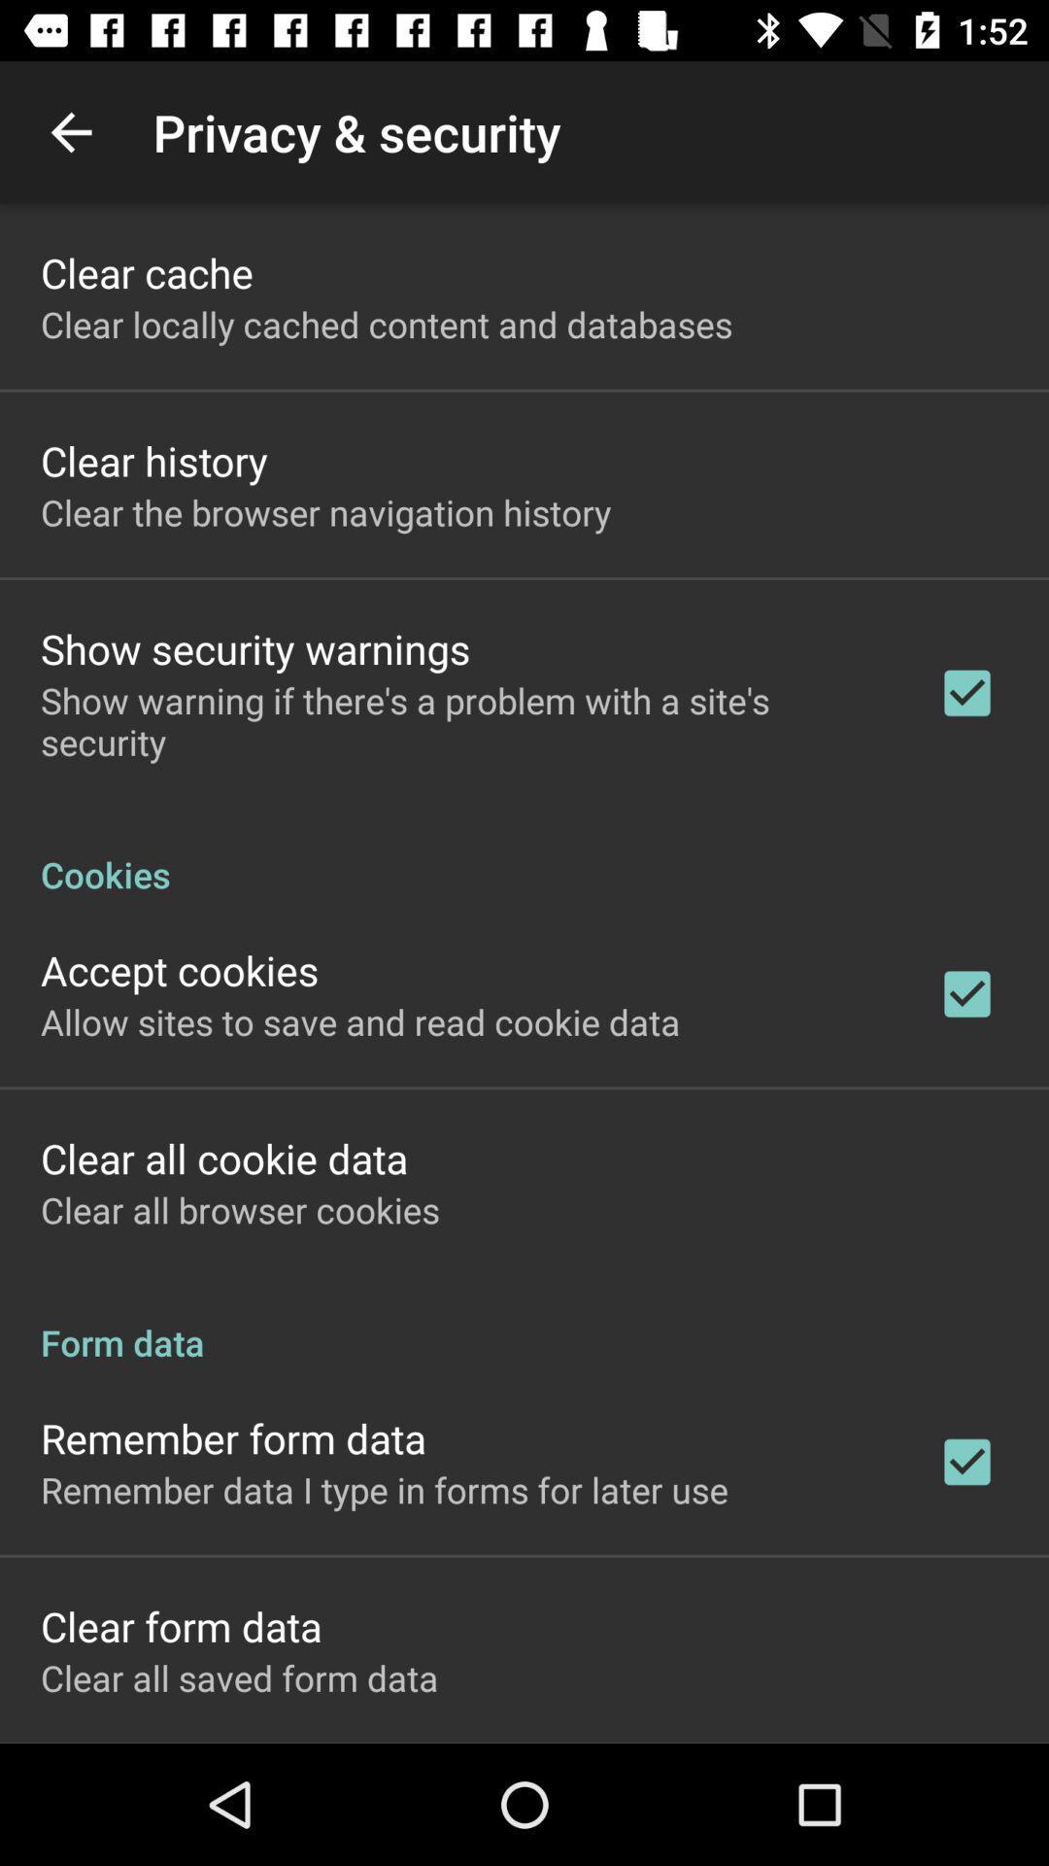  Describe the element at coordinates (360, 1020) in the screenshot. I see `the item above the clear all cookie item` at that location.